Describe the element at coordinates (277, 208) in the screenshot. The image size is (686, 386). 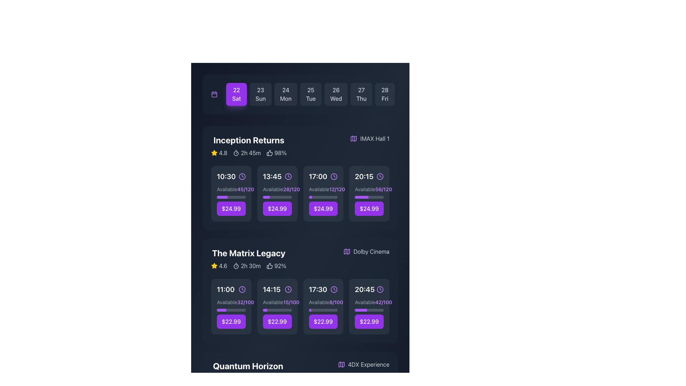
I see `the button for the 13:45 showtime` at that location.